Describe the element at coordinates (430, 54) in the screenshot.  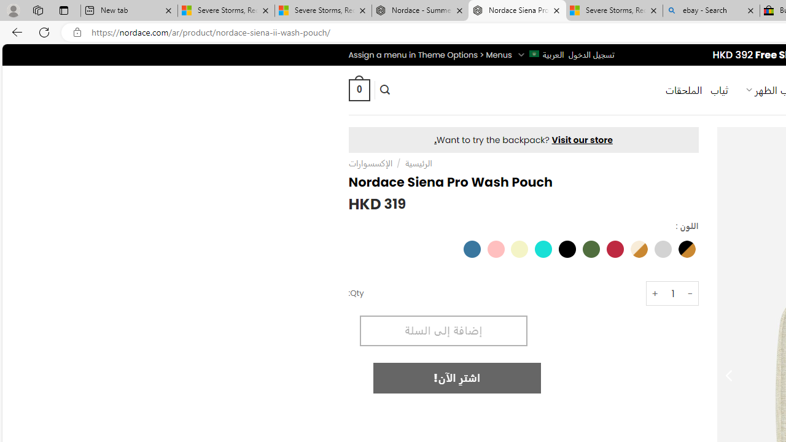
I see `'Assign a menu in Theme Options > Menus'` at that location.